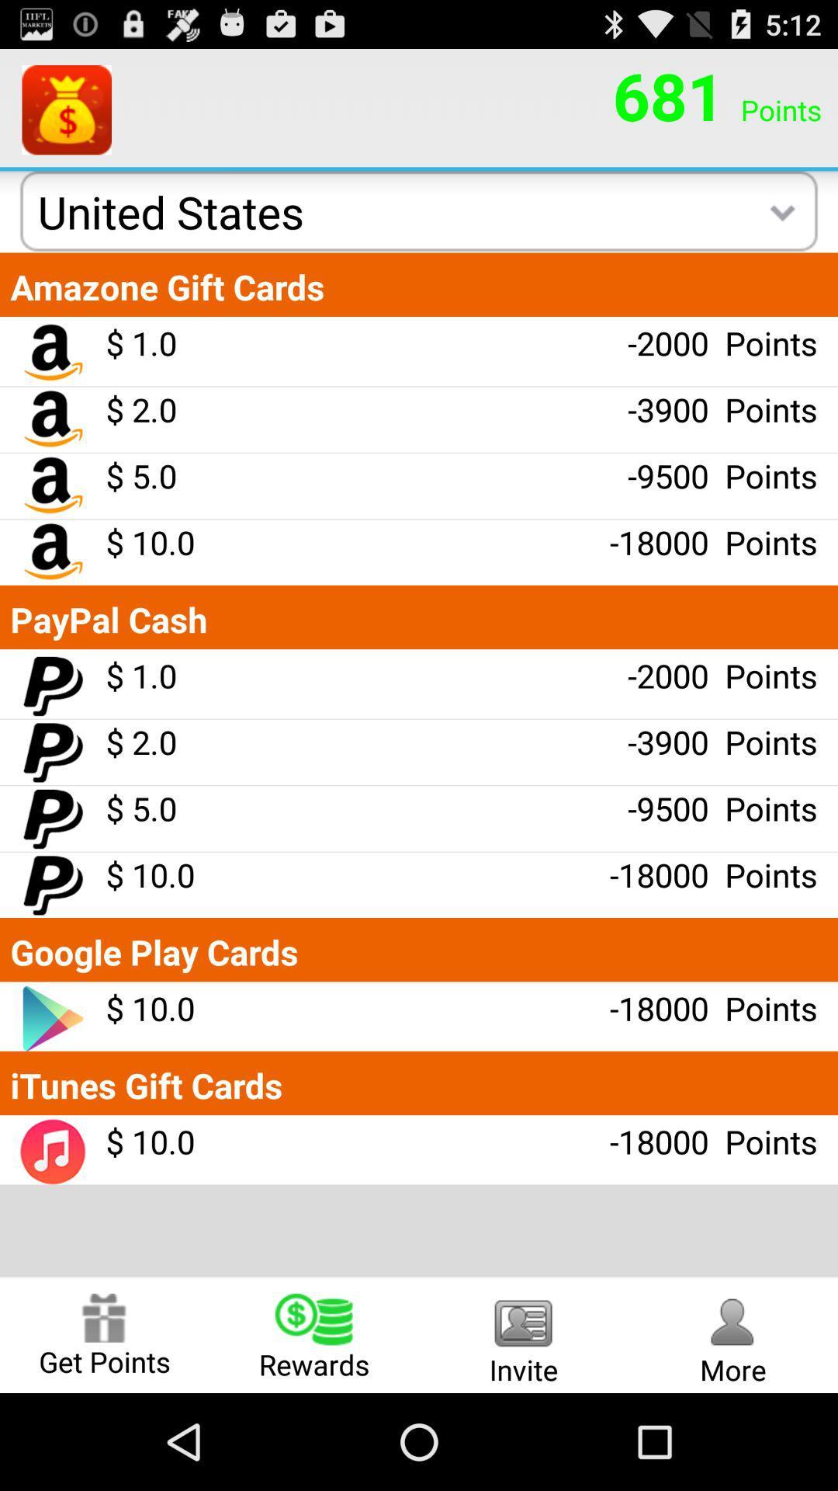 The width and height of the screenshot is (838, 1491). I want to click on the item to the right of the rewards, so click(524, 1334).